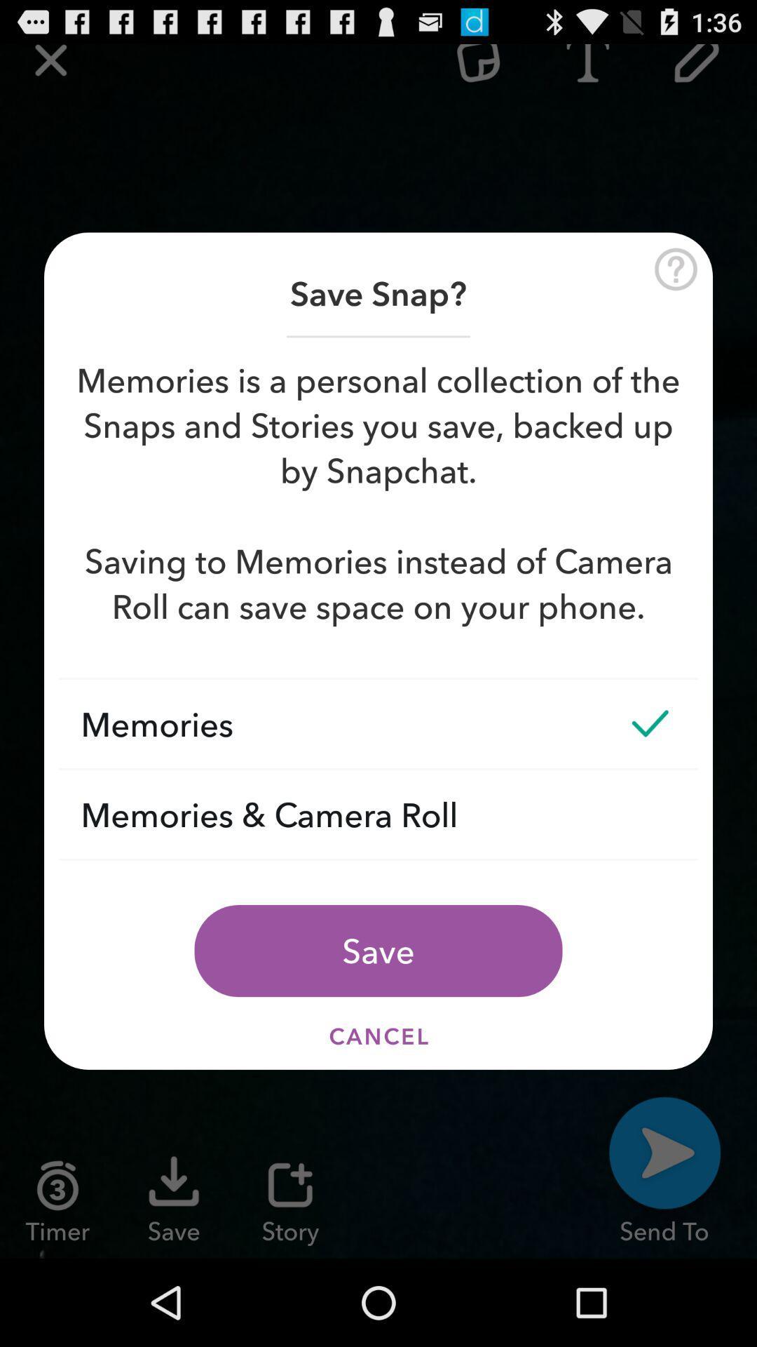 This screenshot has height=1347, width=757. What do you see at coordinates (675, 269) in the screenshot?
I see `help button` at bounding box center [675, 269].